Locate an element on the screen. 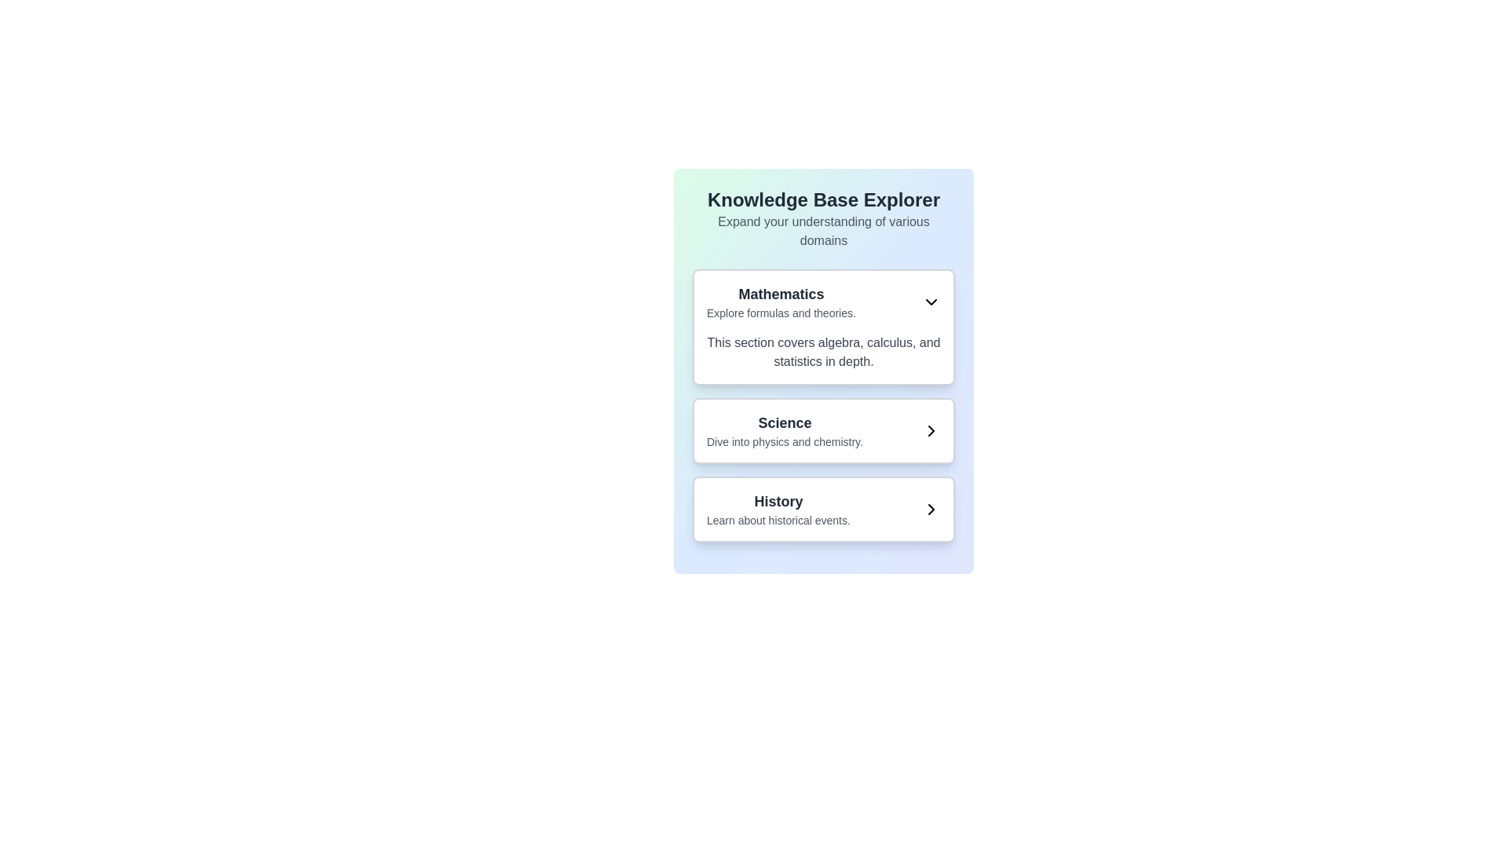  the rightward-pointing chevron icon with a black stroke is located at coordinates (931, 509).